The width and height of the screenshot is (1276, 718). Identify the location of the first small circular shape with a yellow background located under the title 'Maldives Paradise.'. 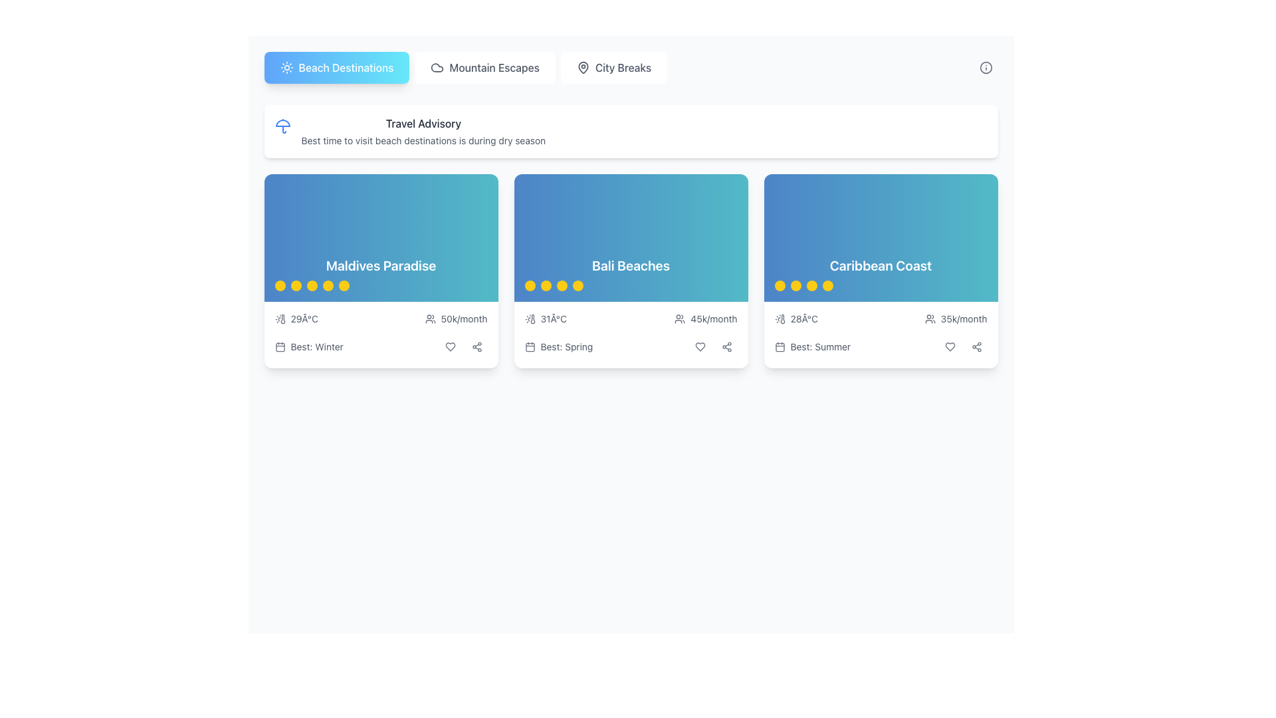
(279, 285).